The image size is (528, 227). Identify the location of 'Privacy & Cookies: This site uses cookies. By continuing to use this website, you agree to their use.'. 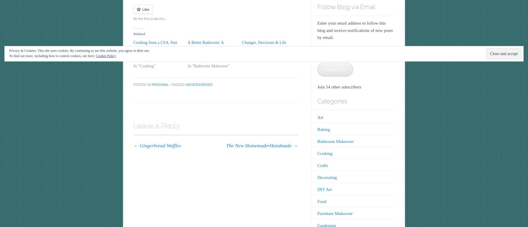
(79, 50).